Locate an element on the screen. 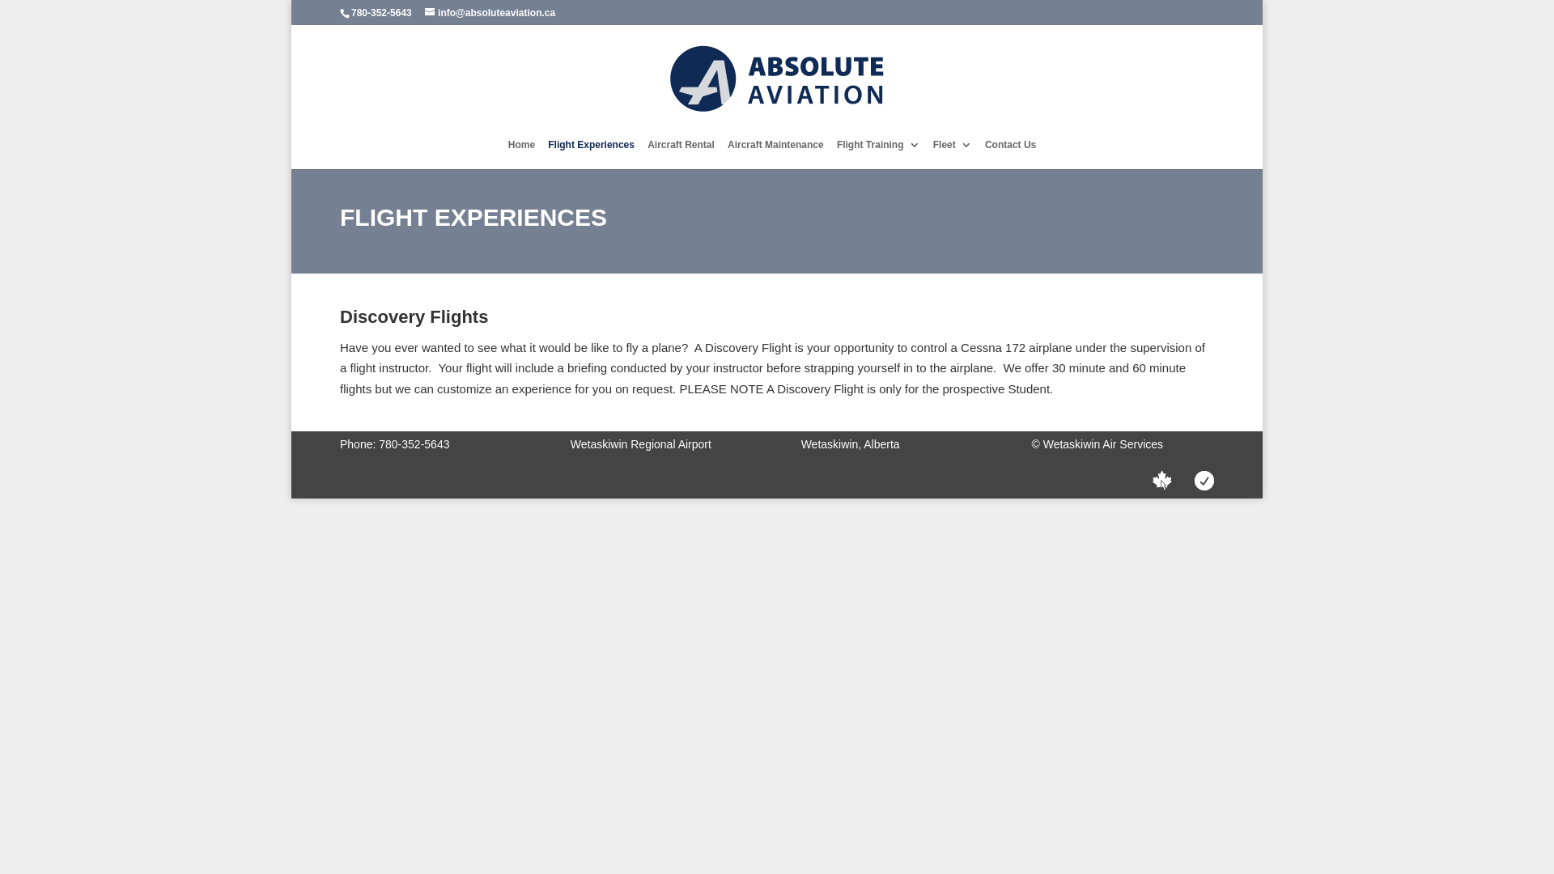  'Flight Training' is located at coordinates (836, 155).